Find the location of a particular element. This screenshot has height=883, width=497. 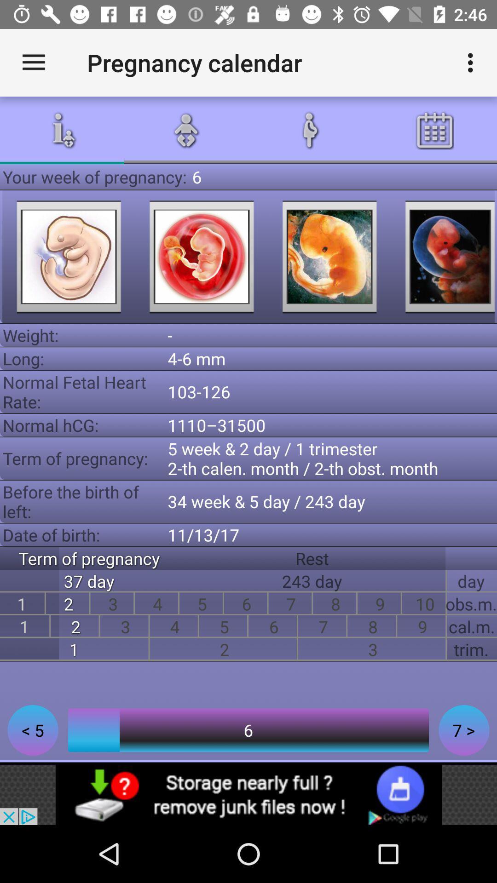

google search is located at coordinates (329, 257).